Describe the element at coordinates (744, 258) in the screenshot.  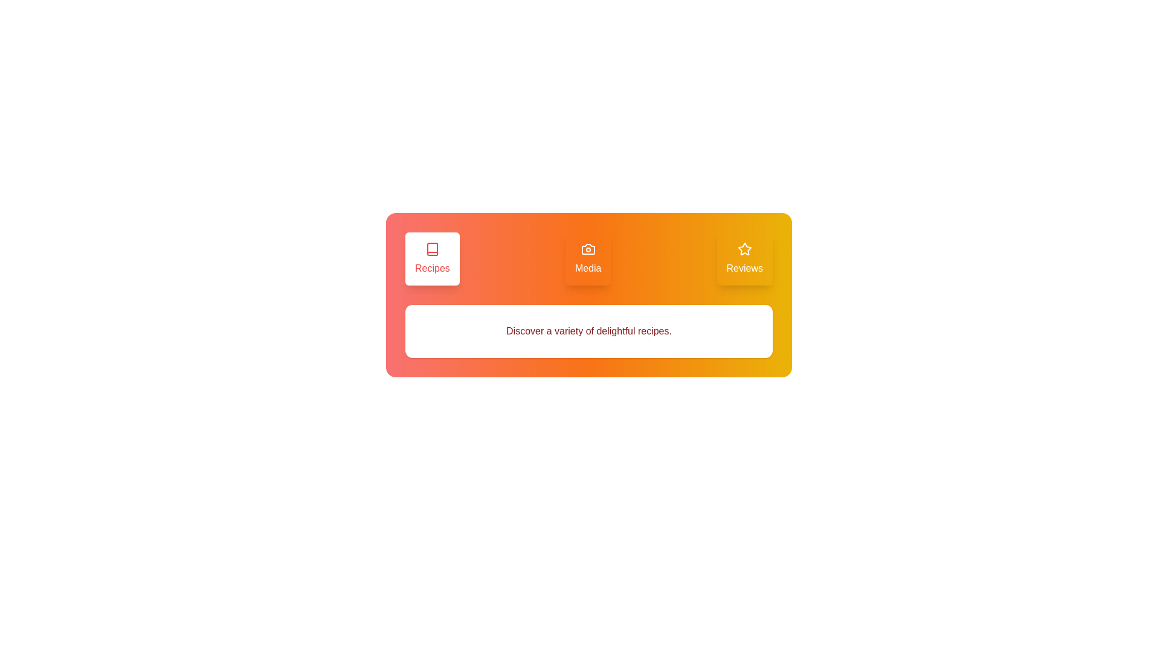
I see `the tab labeled Reviews to observe its hover effect` at that location.